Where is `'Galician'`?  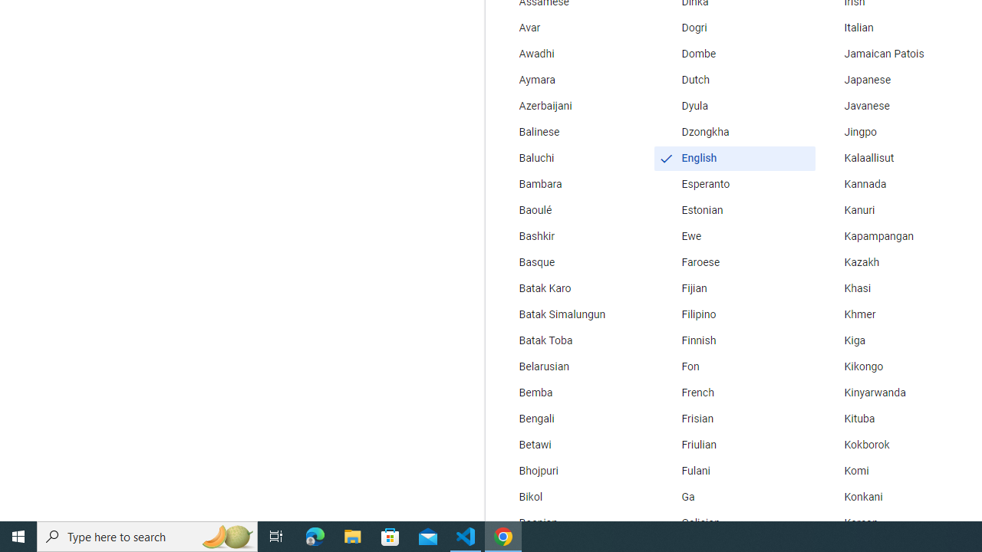 'Galician' is located at coordinates (733, 522).